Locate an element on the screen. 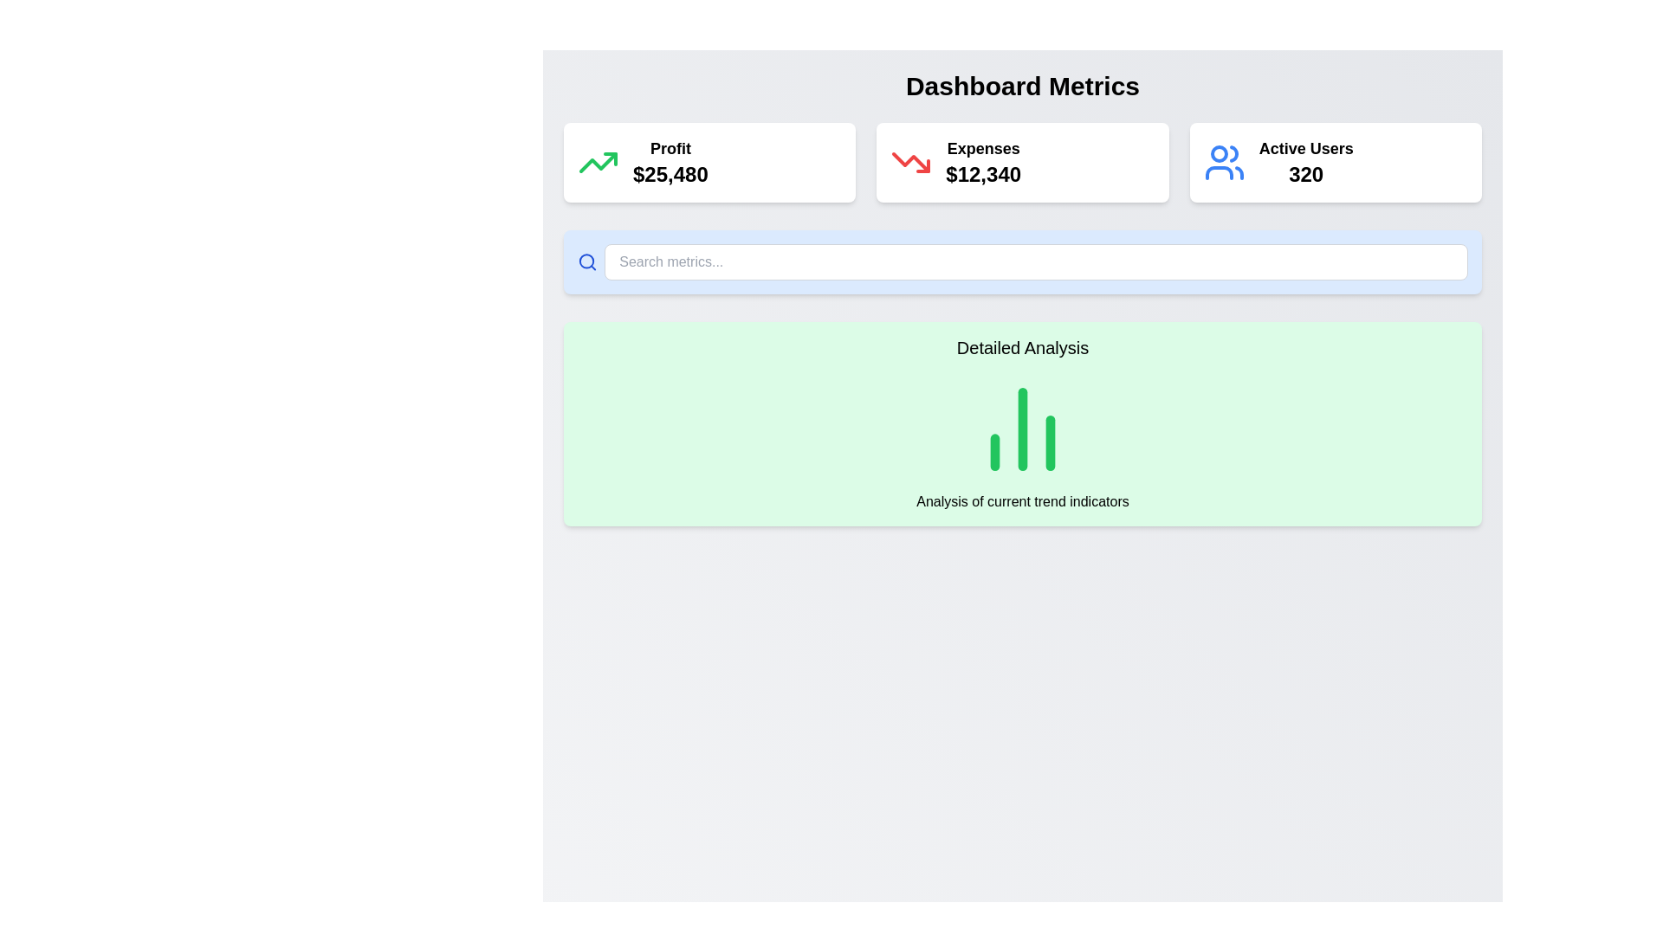 This screenshot has width=1663, height=935. the green upward trending arrow icon located to the left of the 'Profit' text, which indicates a positive trend is located at coordinates (599, 163).